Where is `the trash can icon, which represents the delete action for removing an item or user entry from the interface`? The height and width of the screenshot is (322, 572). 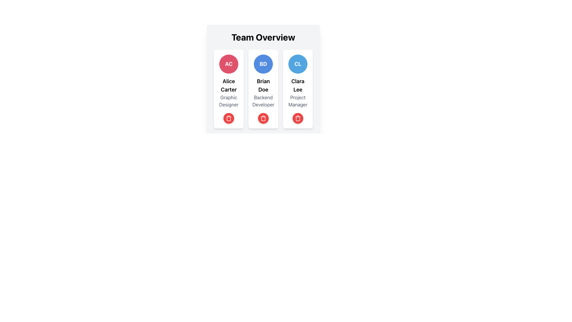
the trash can icon, which represents the delete action for removing an item or user entry from the interface is located at coordinates (229, 118).